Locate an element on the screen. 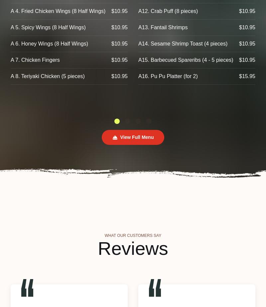 The width and height of the screenshot is (266, 307). 'A 8. Teriyaki Chicken (5 pieces)' is located at coordinates (47, 76).